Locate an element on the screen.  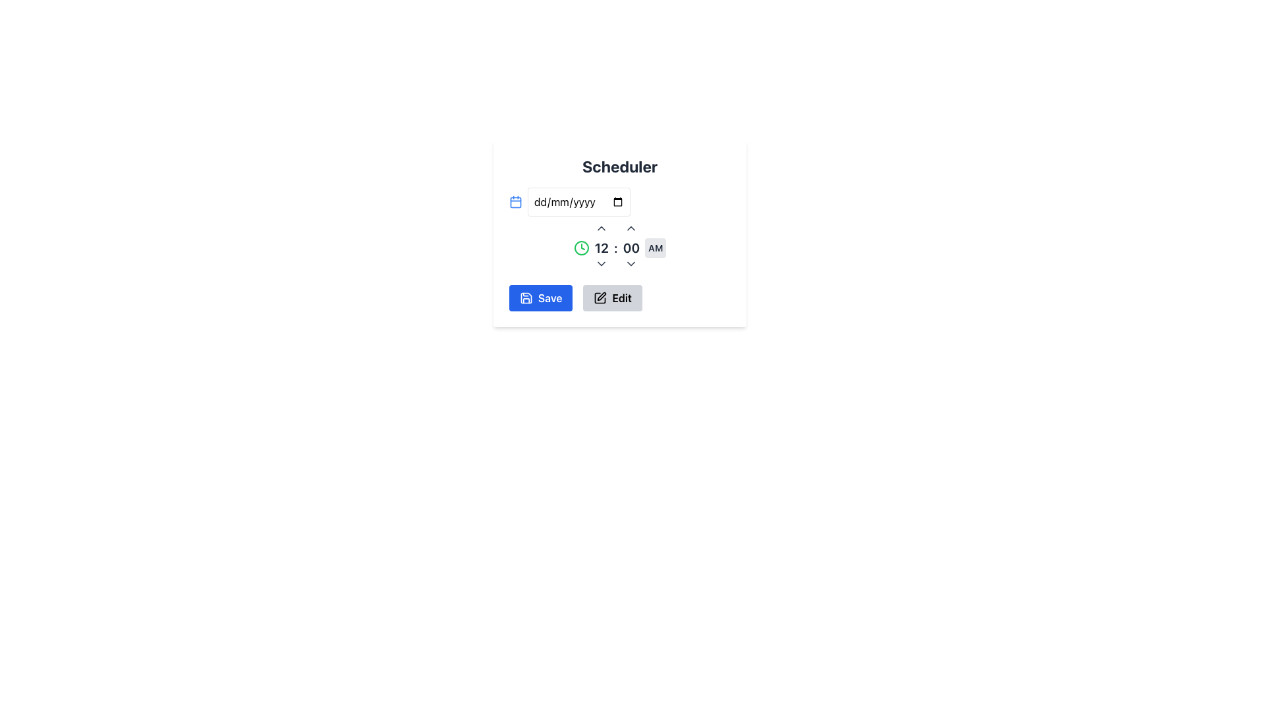
the small calendar icon styled with blue strokes and a rounded rectangular frame, positioned to the left of the date input field is located at coordinates (515, 202).